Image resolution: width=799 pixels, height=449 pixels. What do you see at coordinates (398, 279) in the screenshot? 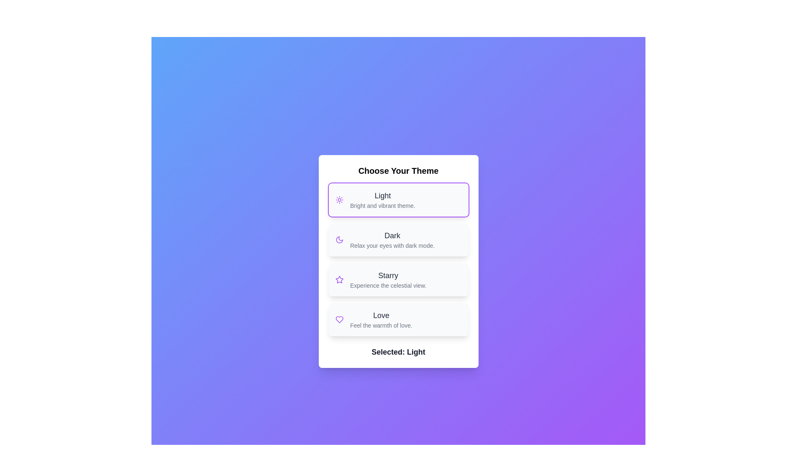
I see `the theme Starry by clicking on its corresponding area` at bounding box center [398, 279].